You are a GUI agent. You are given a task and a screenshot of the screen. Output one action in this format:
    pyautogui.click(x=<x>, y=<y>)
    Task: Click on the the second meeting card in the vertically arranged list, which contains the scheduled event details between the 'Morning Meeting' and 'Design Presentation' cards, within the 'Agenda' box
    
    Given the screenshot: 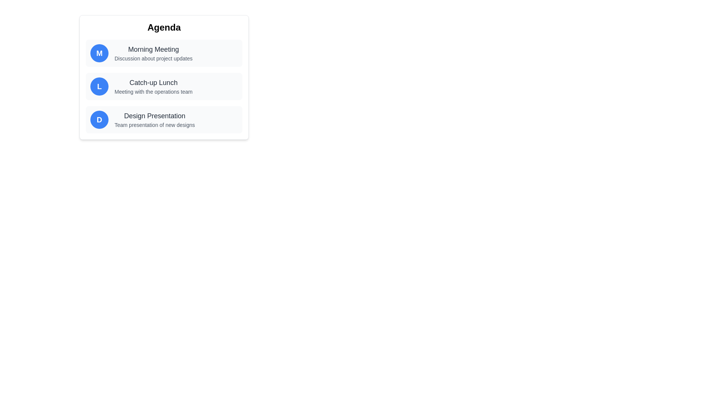 What is the action you would take?
    pyautogui.click(x=163, y=86)
    